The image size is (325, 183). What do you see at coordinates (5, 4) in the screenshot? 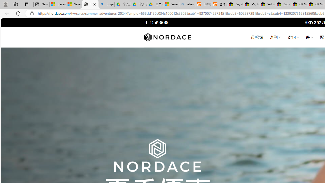
I see `'Personal Profile'` at bounding box center [5, 4].